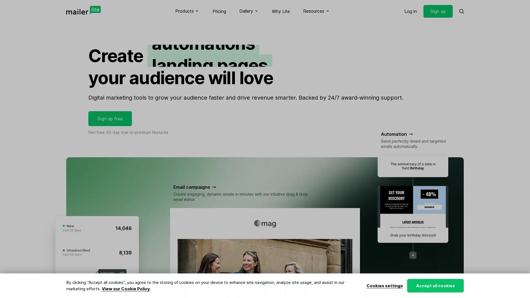 This screenshot has height=298, width=530. I want to click on Cookies settings, so click(384, 286).